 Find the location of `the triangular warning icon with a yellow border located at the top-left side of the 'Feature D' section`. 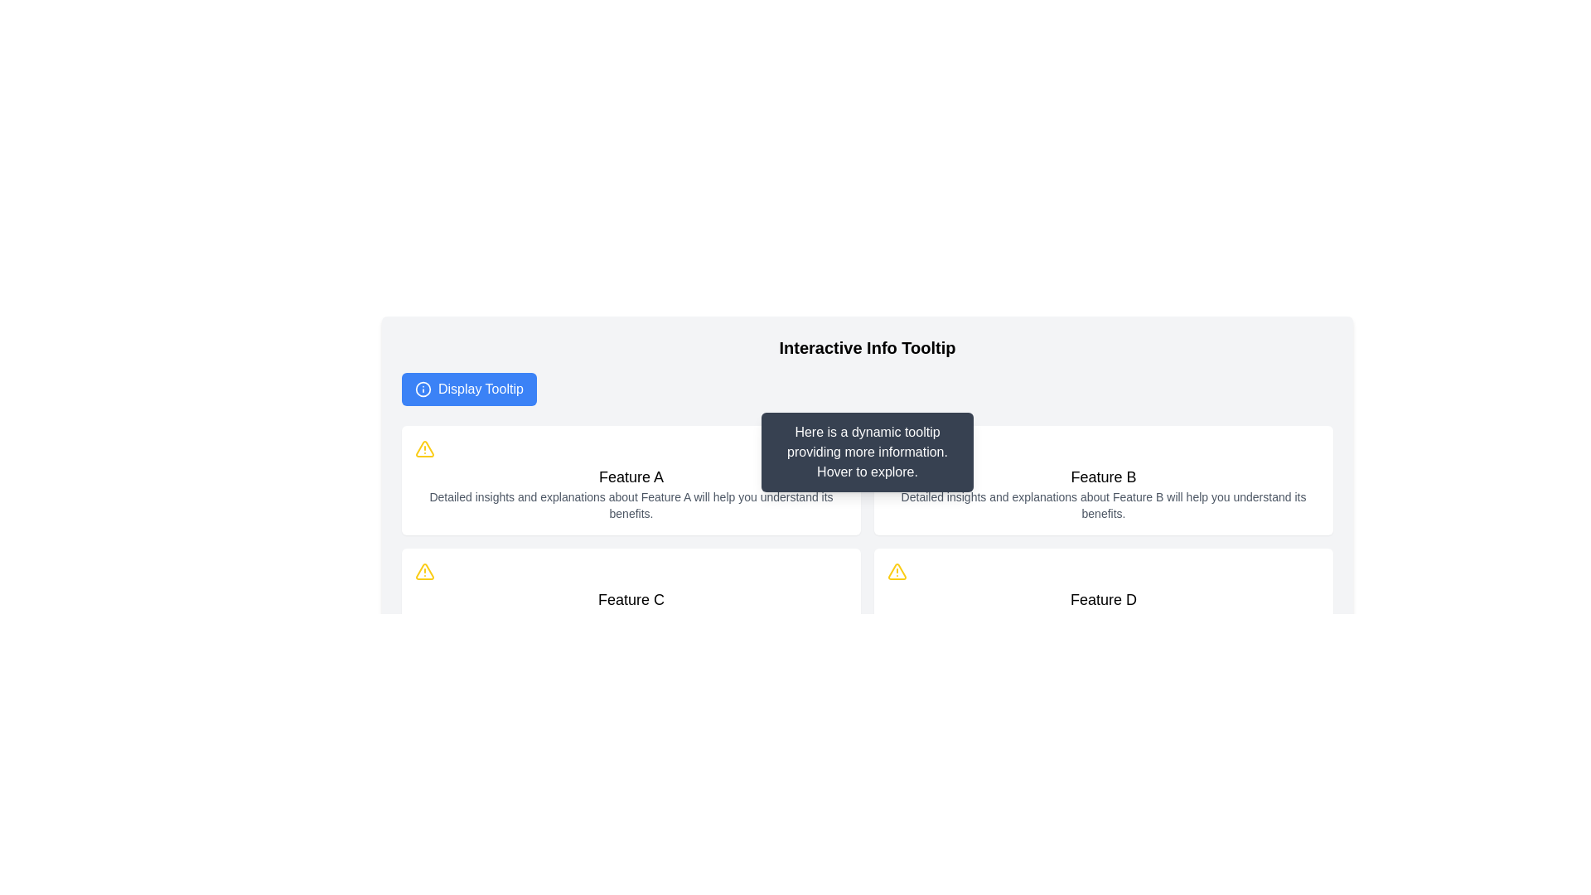

the triangular warning icon with a yellow border located at the top-left side of the 'Feature D' section is located at coordinates (897, 571).